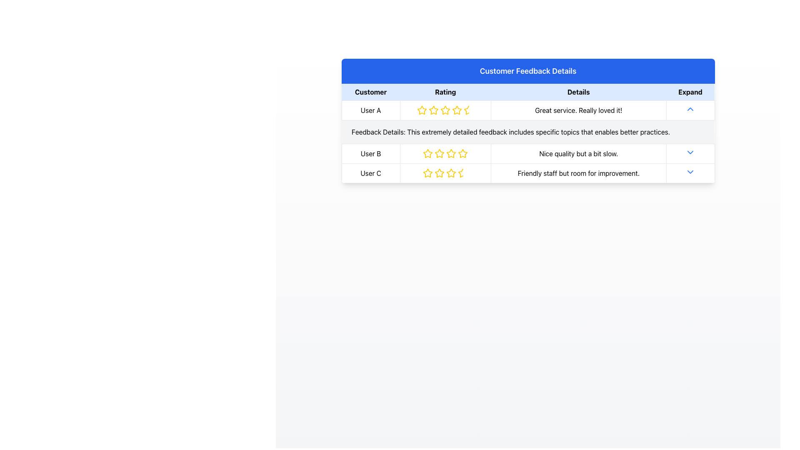  What do you see at coordinates (422, 110) in the screenshot?
I see `the leftmost star in the five-star rating group for User A` at bounding box center [422, 110].